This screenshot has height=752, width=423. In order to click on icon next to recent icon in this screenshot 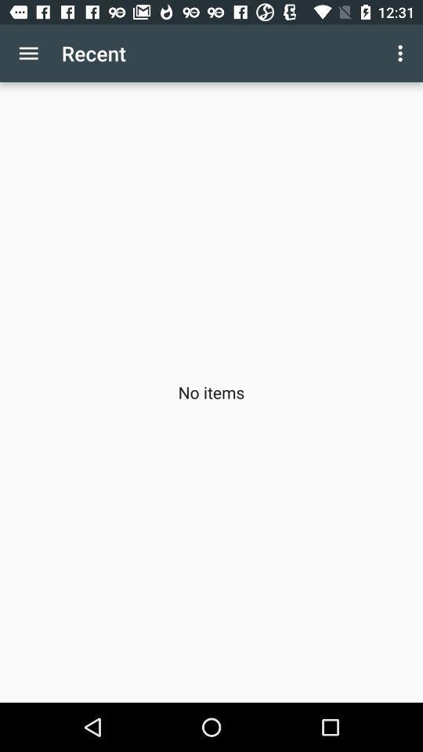, I will do `click(402, 53)`.